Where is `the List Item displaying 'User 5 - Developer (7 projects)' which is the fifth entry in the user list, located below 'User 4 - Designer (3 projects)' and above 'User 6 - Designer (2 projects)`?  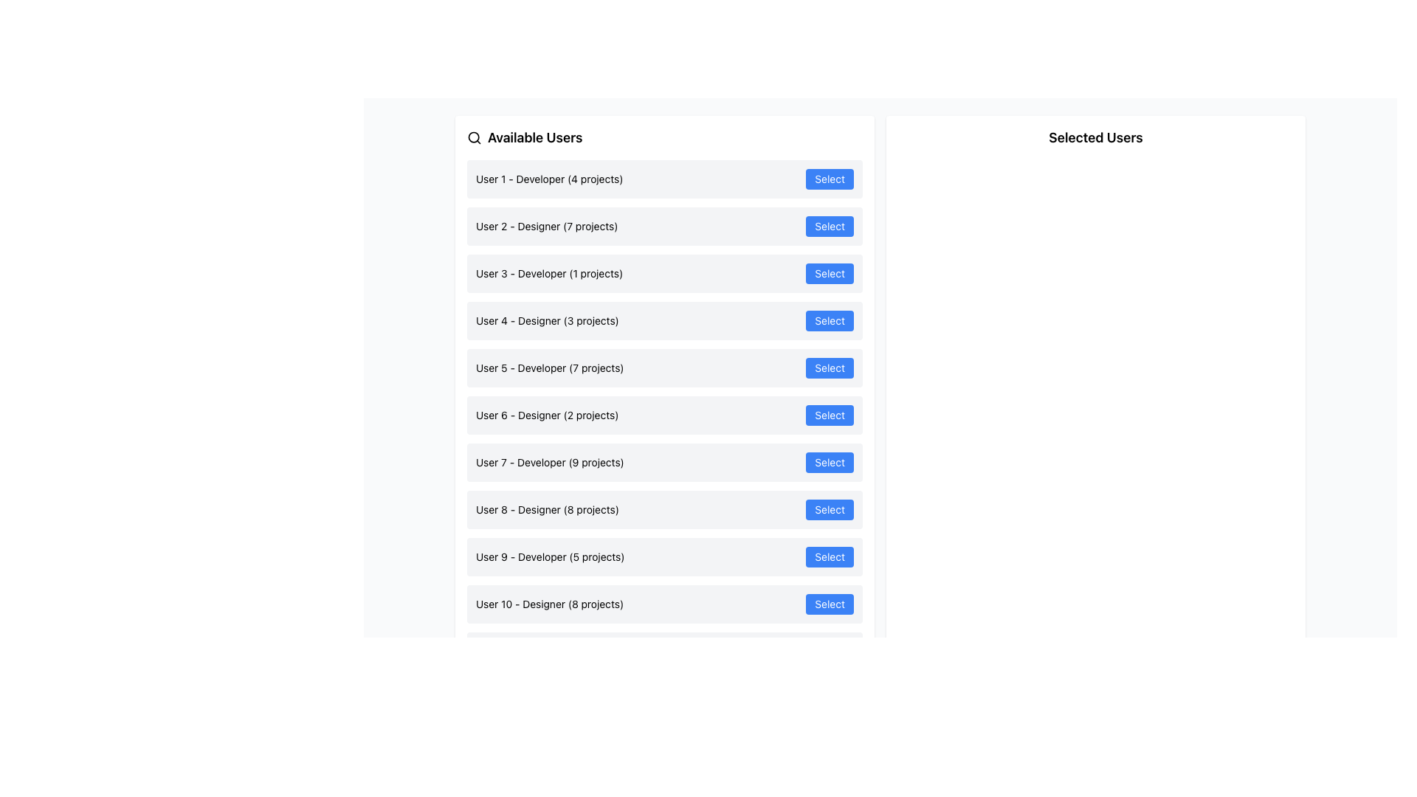 the List Item displaying 'User 5 - Developer (7 projects)' which is the fifth entry in the user list, located below 'User 4 - Designer (3 projects)' and above 'User 6 - Designer (2 projects) is located at coordinates (664, 367).